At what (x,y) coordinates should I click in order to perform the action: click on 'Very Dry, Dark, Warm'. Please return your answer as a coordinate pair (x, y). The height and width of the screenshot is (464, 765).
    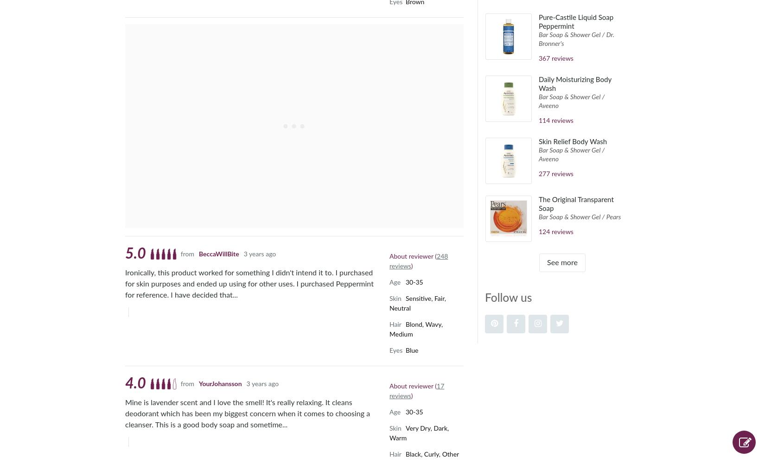
    Looking at the image, I should click on (419, 432).